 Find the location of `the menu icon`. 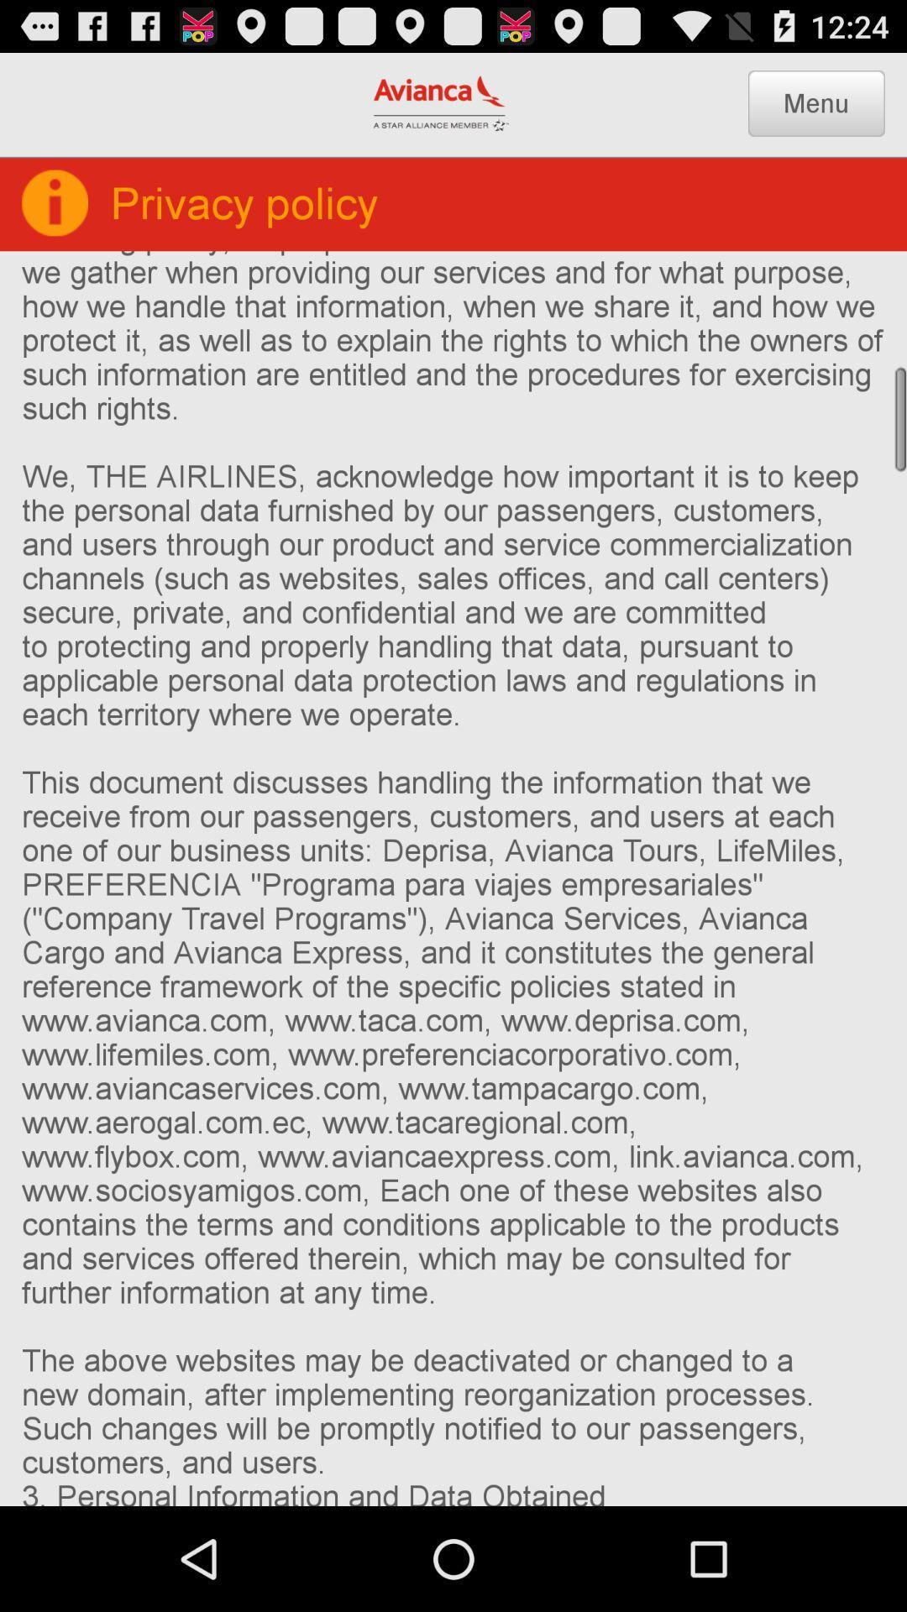

the menu icon is located at coordinates (815, 102).